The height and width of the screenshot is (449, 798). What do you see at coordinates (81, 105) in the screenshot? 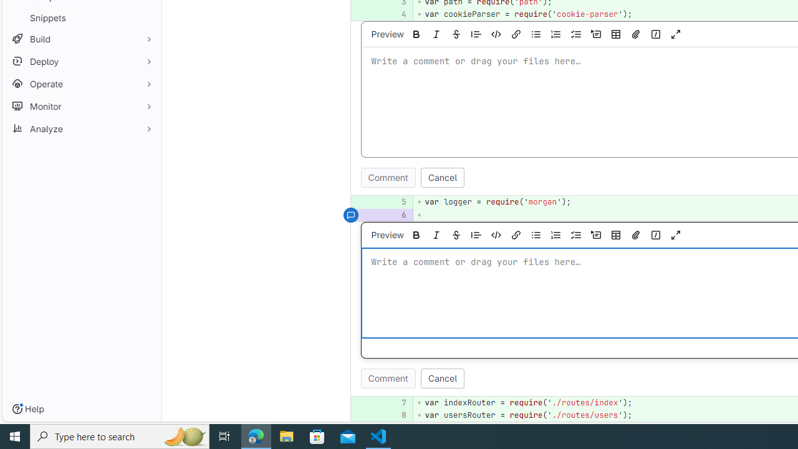
I see `'Monitor'` at bounding box center [81, 105].